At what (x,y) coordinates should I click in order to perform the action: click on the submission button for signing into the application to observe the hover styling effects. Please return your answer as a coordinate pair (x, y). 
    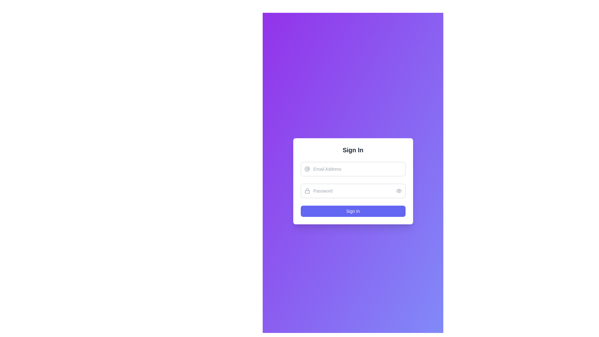
    Looking at the image, I should click on (353, 211).